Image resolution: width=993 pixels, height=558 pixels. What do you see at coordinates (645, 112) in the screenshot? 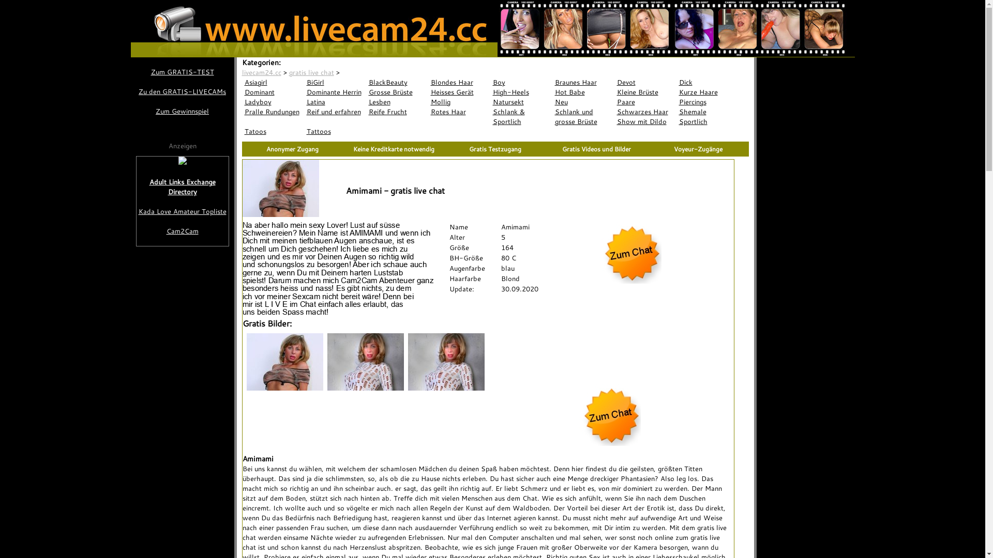
I see `'Schwarzes Haar'` at bounding box center [645, 112].